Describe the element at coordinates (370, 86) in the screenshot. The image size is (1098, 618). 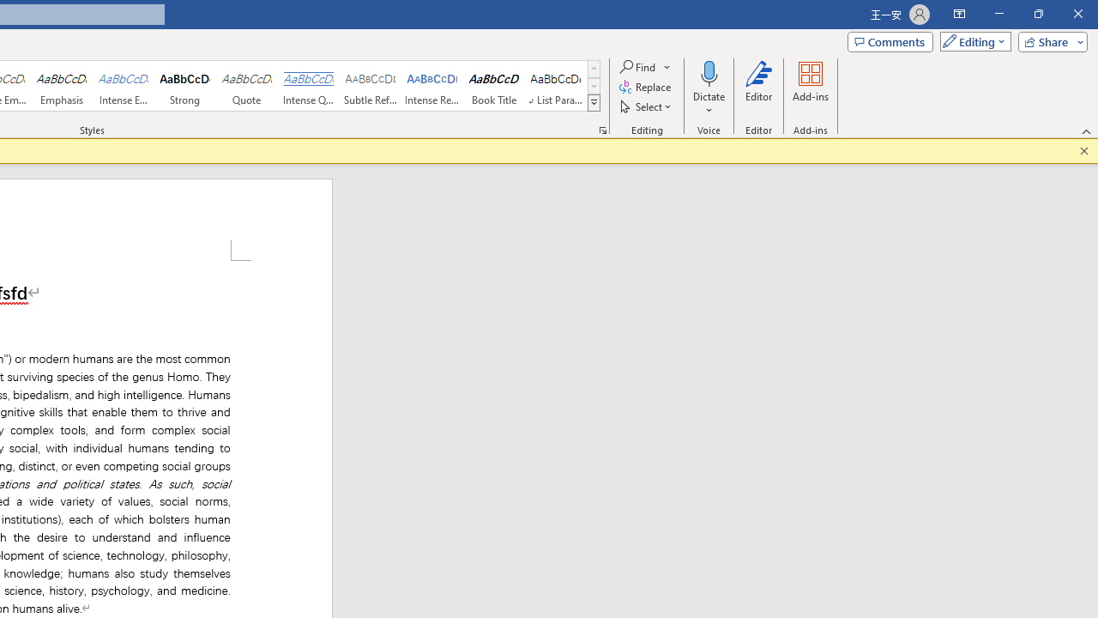
I see `'Subtle Reference'` at that location.